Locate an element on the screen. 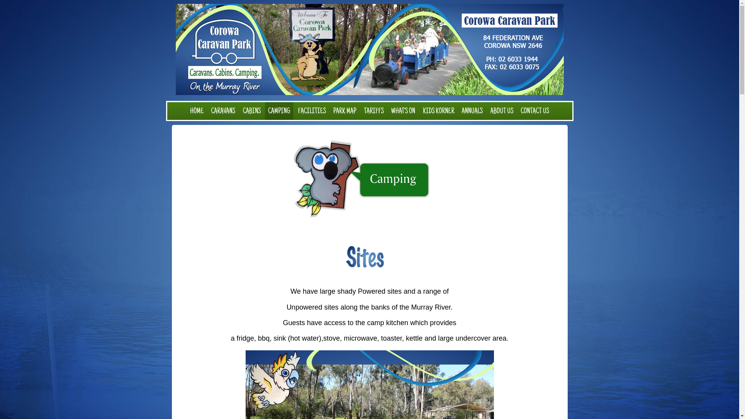  'CAMPING' is located at coordinates (279, 111).